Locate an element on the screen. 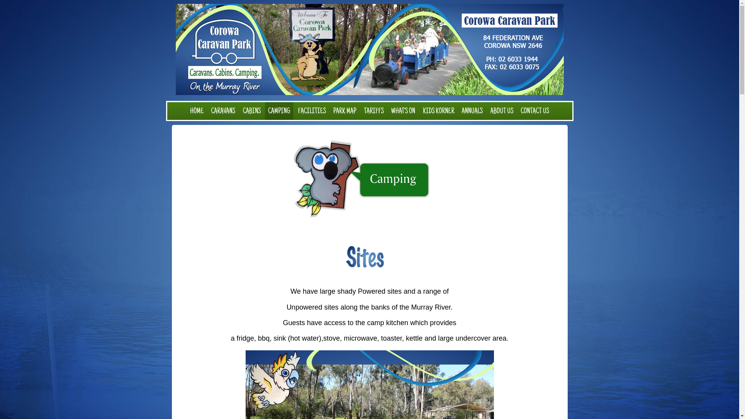  'CAMPING' is located at coordinates (279, 111).